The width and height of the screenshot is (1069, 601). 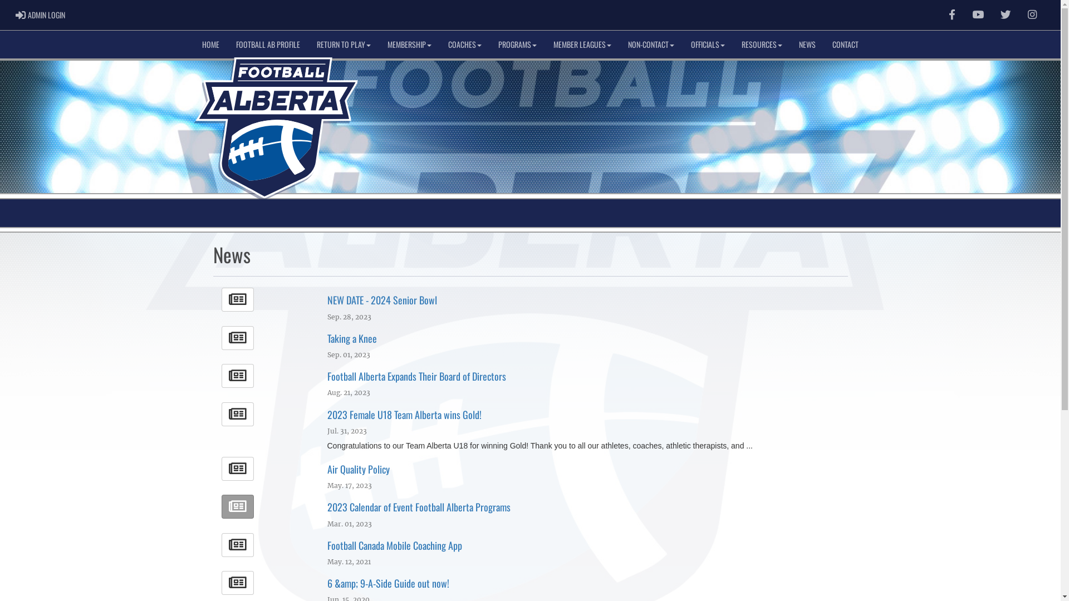 What do you see at coordinates (707, 44) in the screenshot?
I see `'OFFICIALS'` at bounding box center [707, 44].